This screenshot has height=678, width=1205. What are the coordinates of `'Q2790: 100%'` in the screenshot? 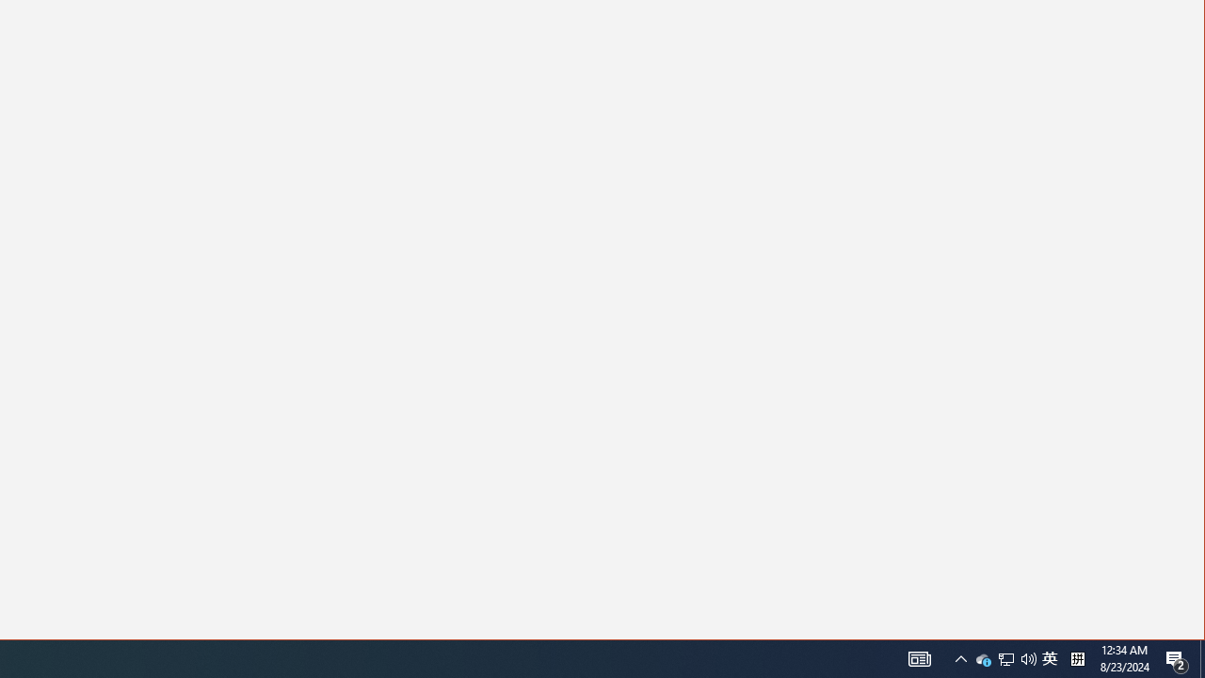 It's located at (1077, 657).